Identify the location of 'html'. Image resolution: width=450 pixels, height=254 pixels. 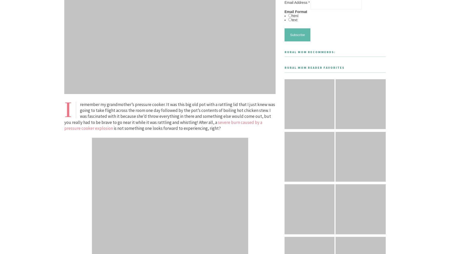
(295, 16).